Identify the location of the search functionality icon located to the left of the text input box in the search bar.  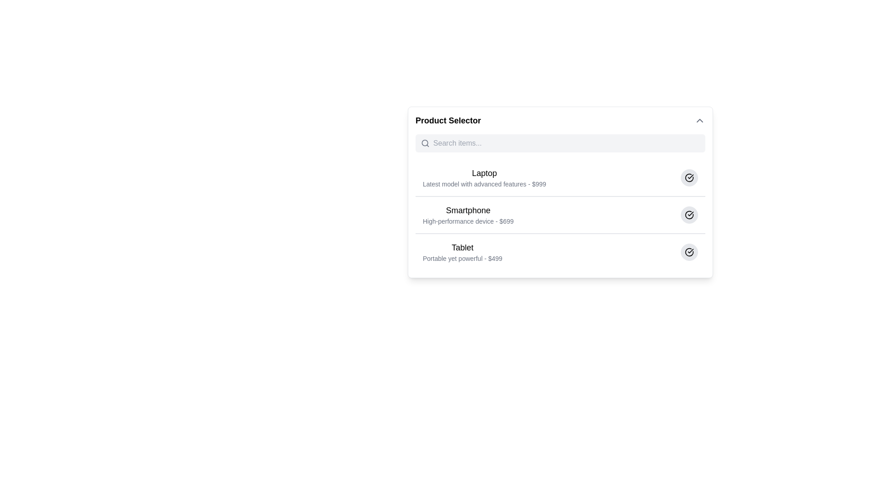
(425, 143).